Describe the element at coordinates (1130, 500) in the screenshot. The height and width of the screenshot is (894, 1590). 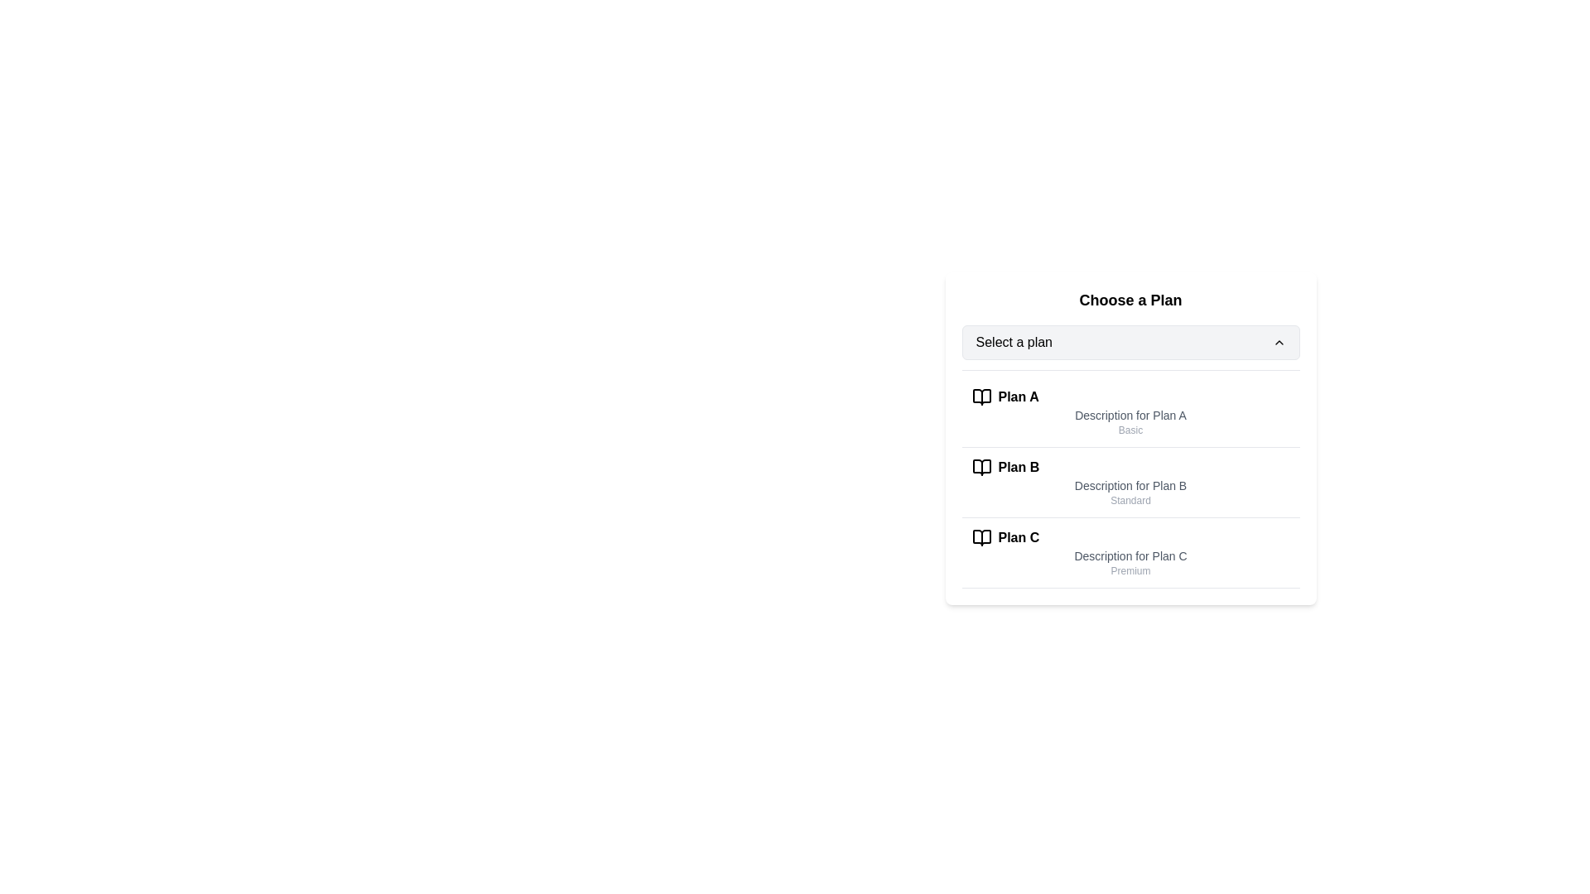
I see `the text label reading 'Standard' that appears under the description text 'Description for Plan B'` at that location.